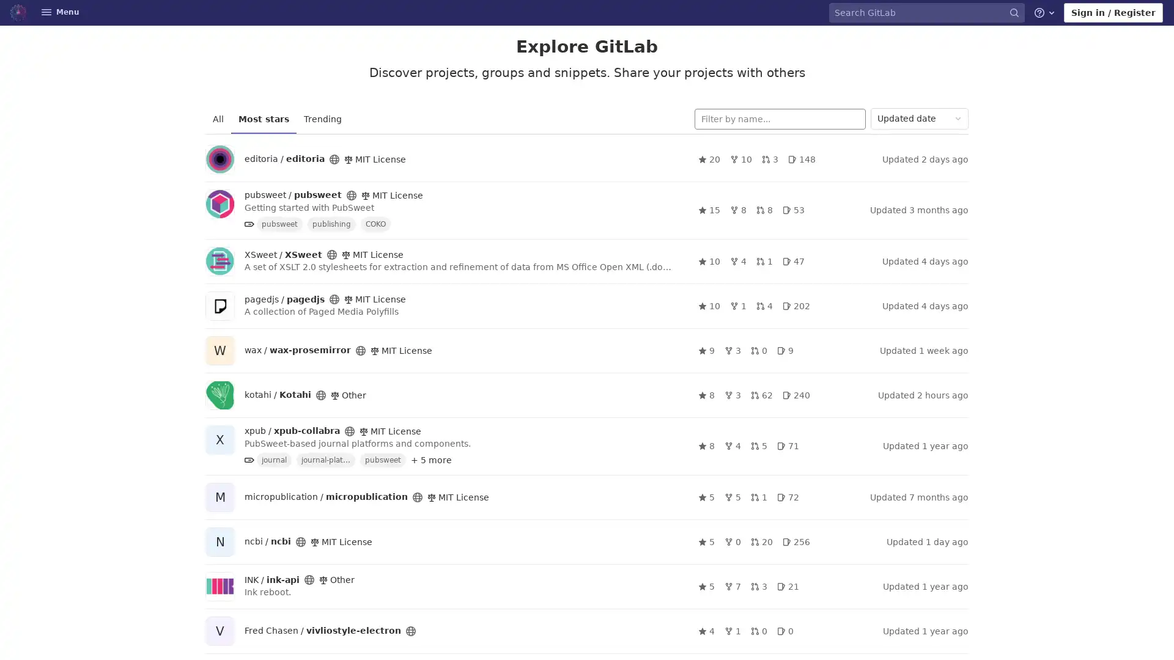  Describe the element at coordinates (431, 460) in the screenshot. I see `+ 5 more` at that location.